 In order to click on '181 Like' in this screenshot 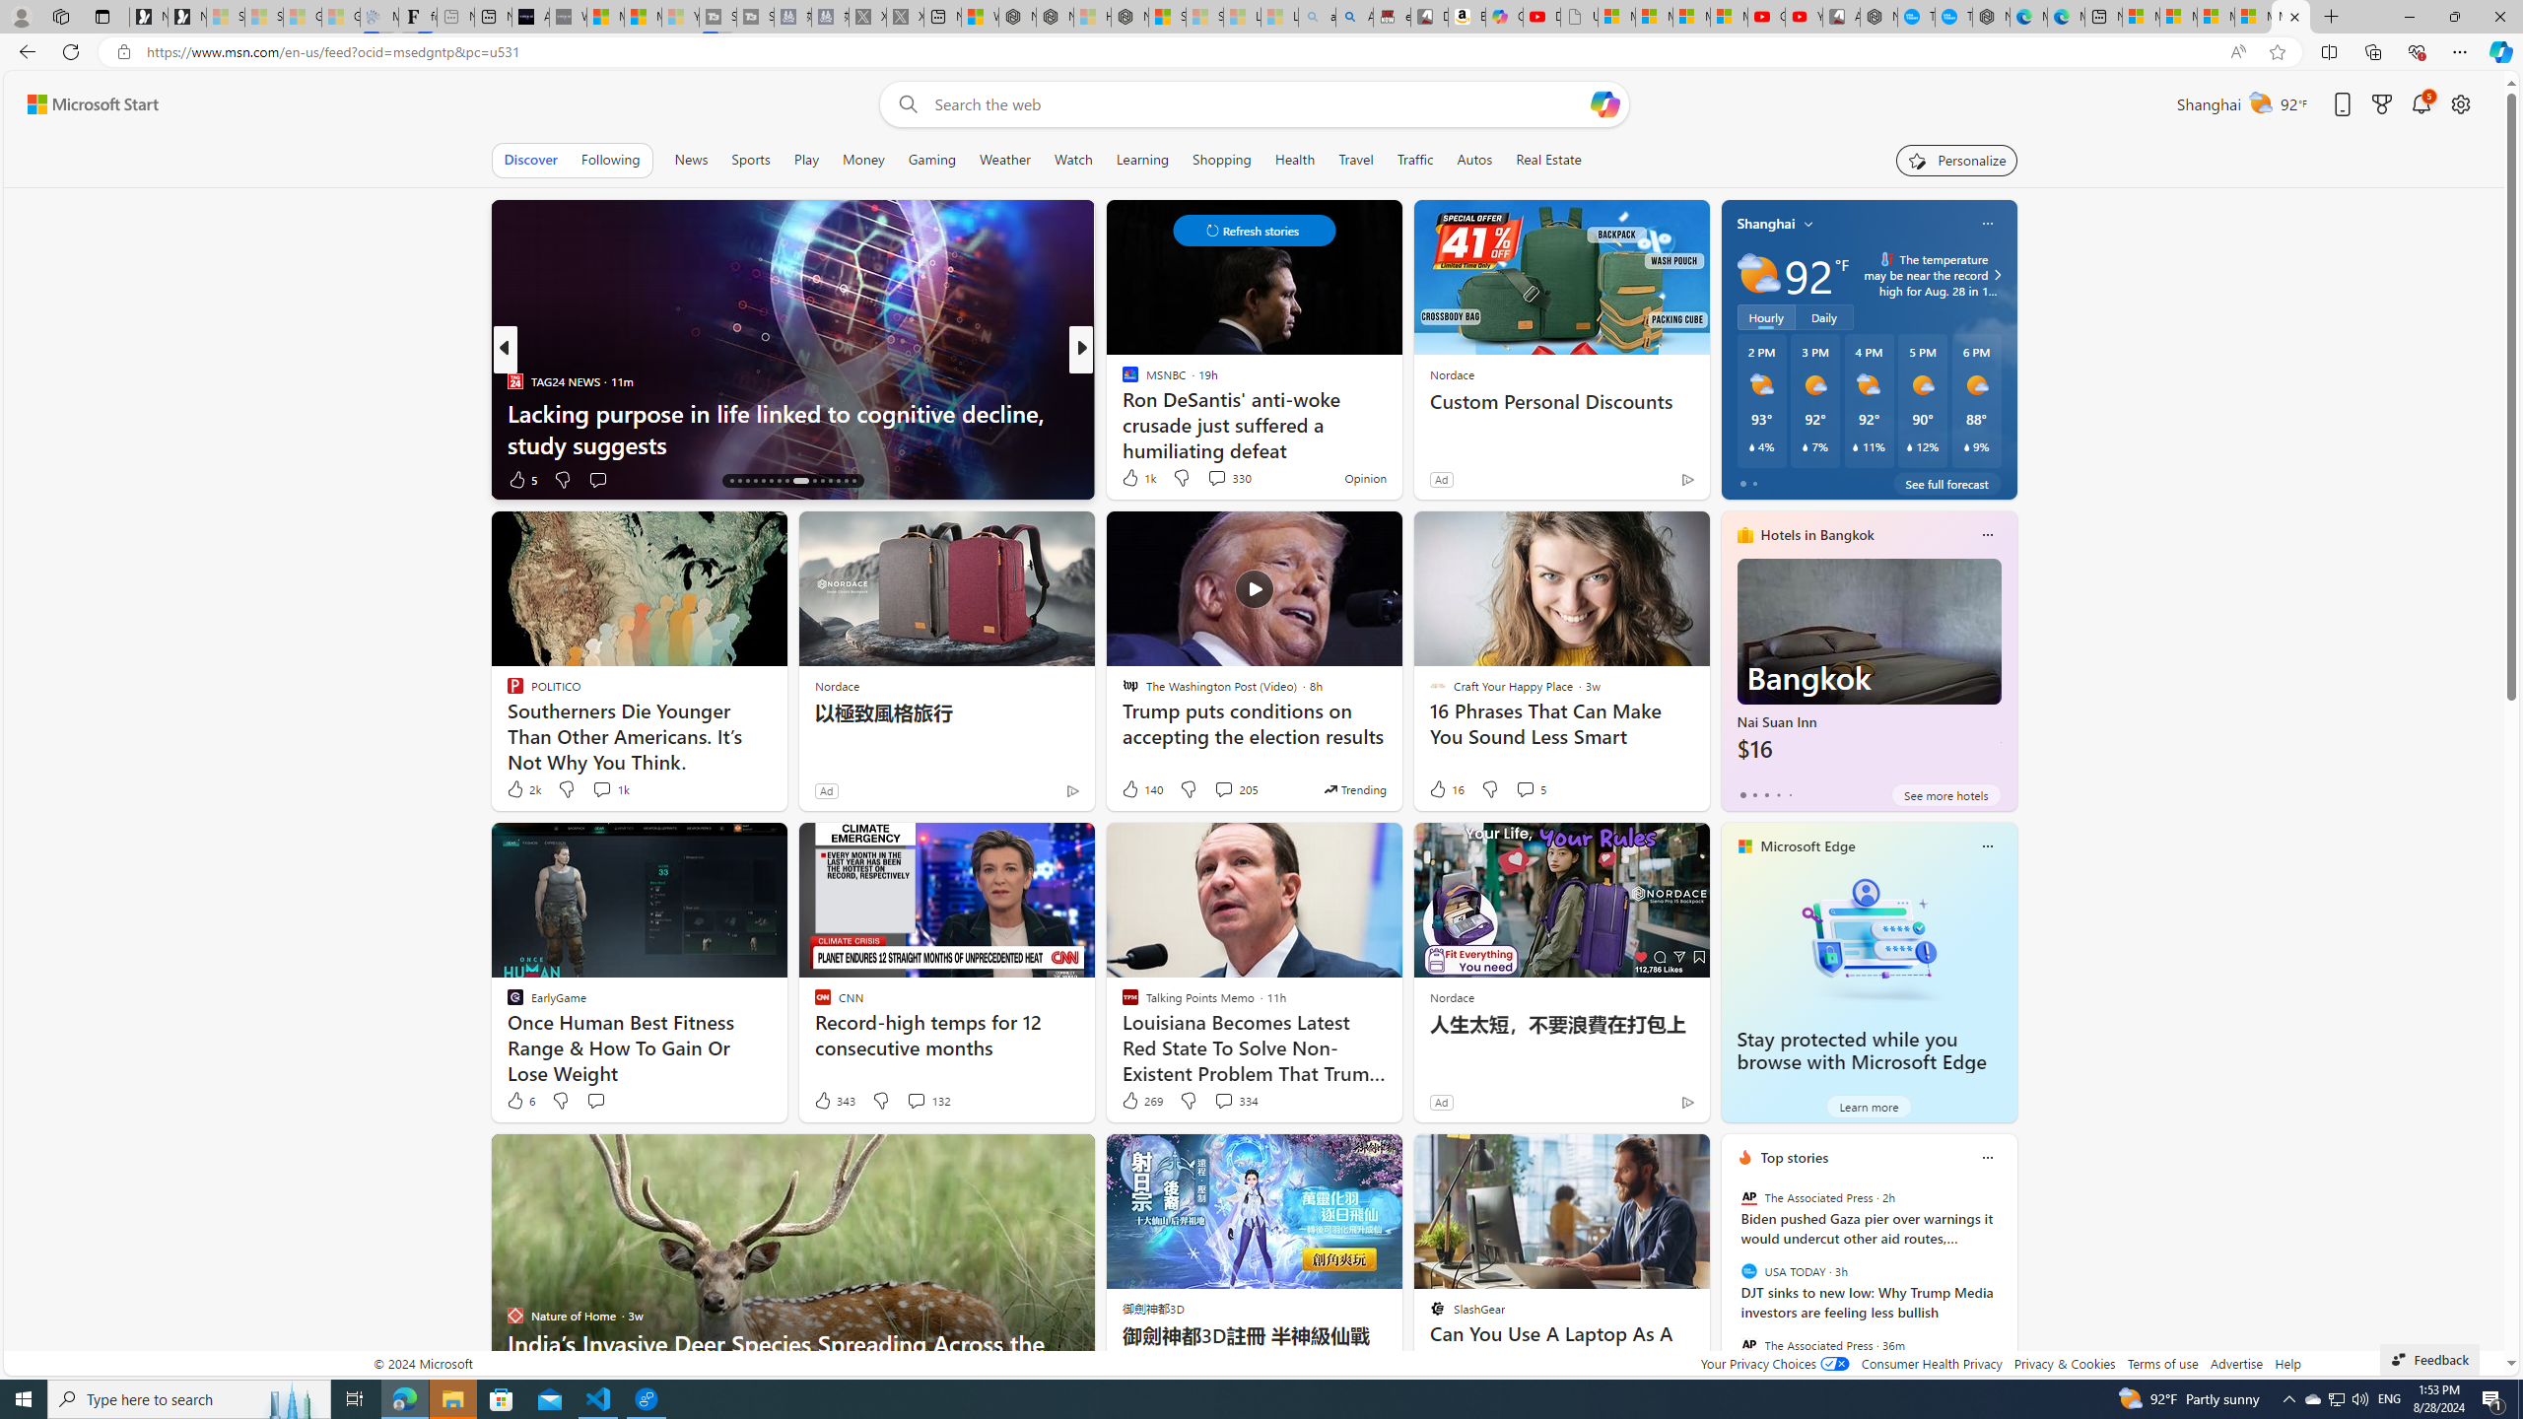, I will do `click(1134, 479)`.